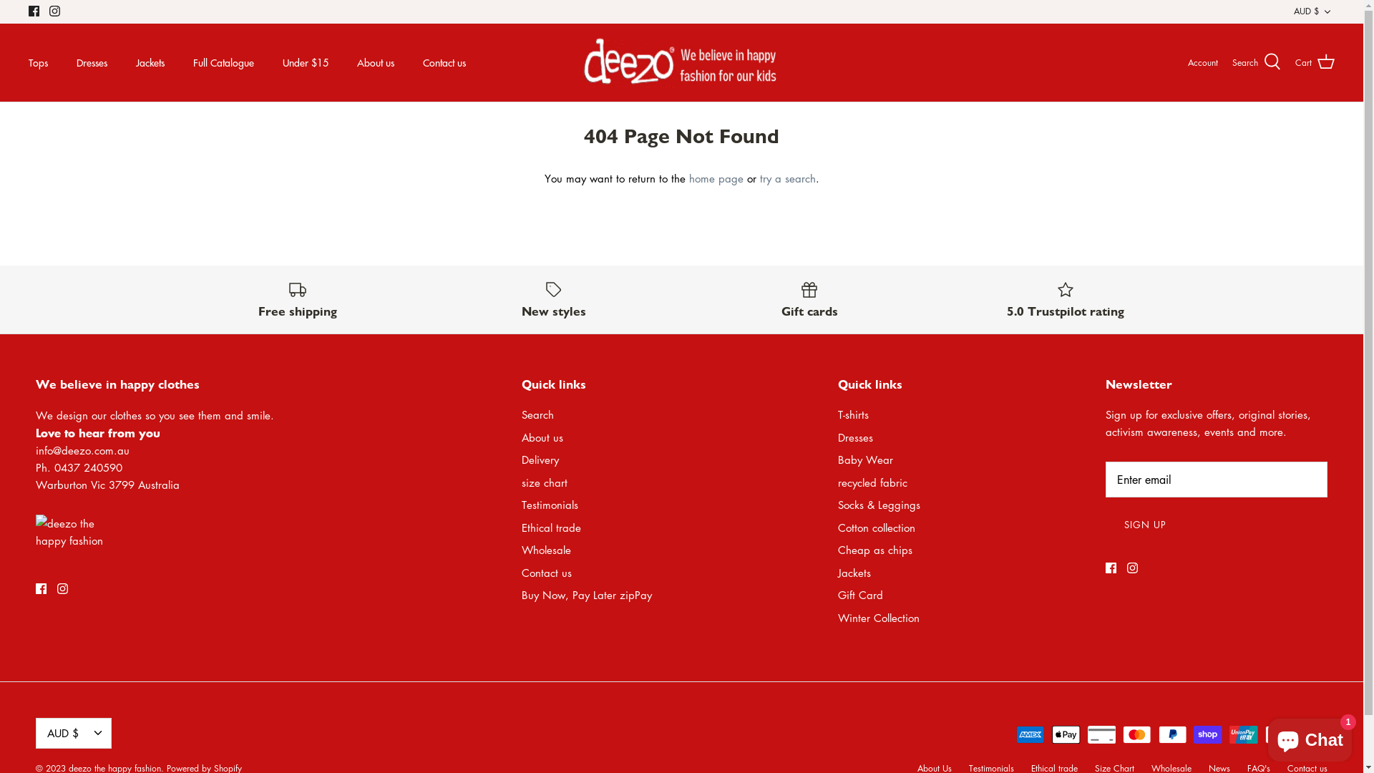 The image size is (1374, 773). Describe the element at coordinates (875, 527) in the screenshot. I see `'Cotton collection'` at that location.